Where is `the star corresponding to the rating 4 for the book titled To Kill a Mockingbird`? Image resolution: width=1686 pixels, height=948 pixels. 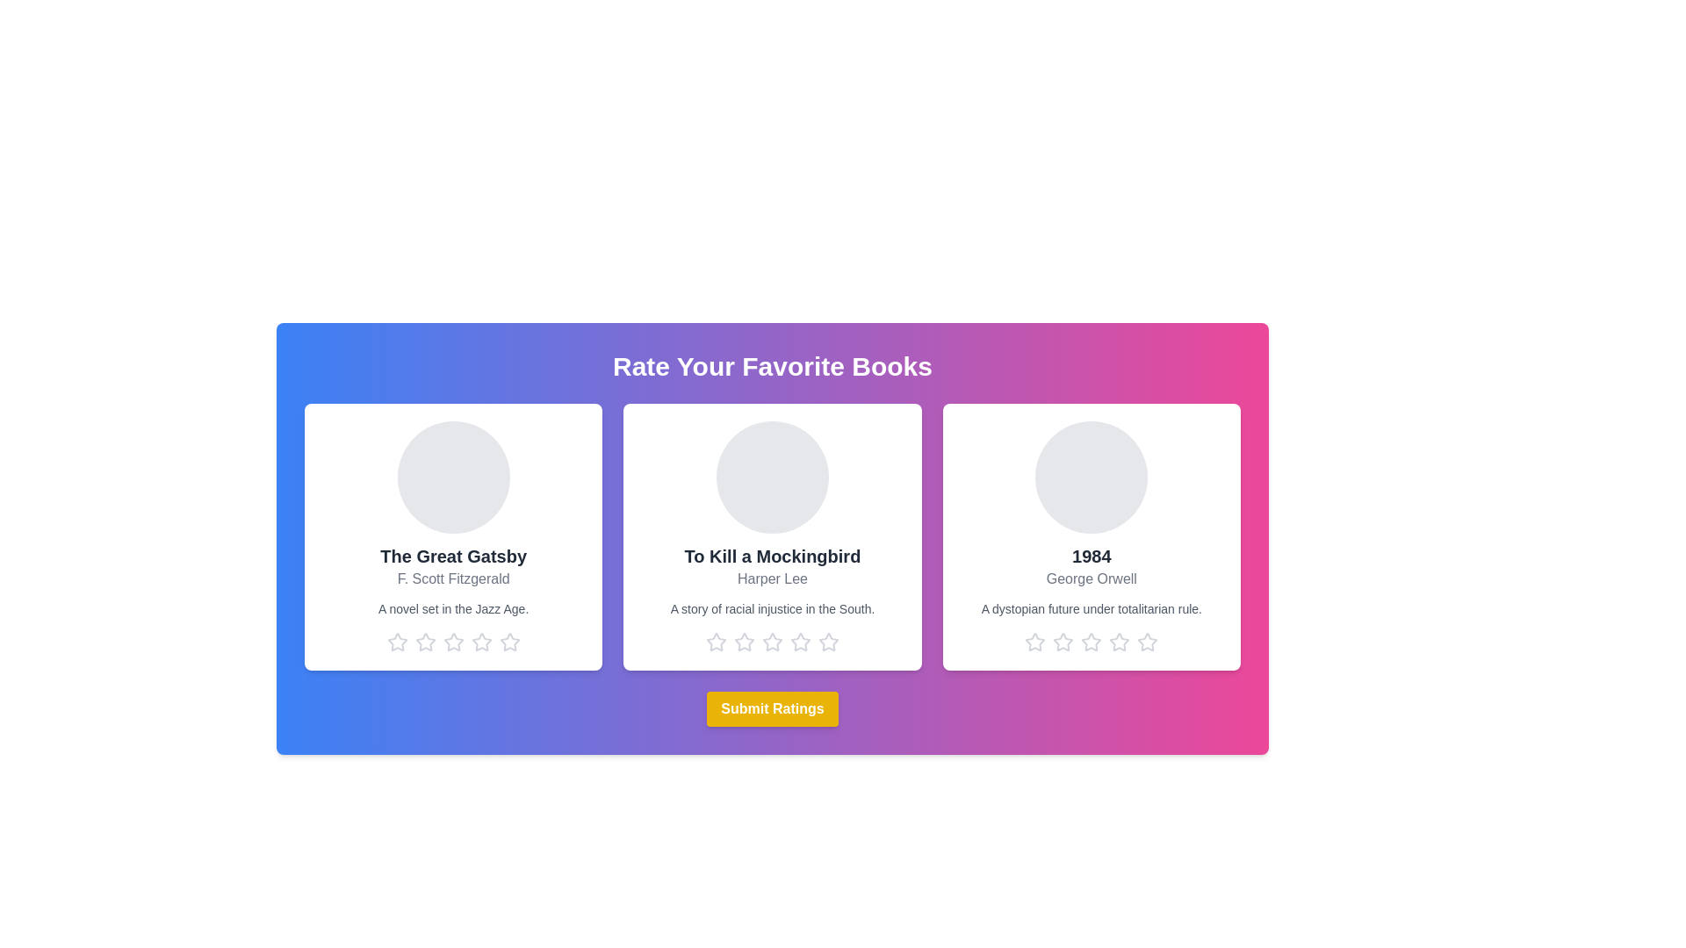 the star corresponding to the rating 4 for the book titled To Kill a Mockingbird is located at coordinates (800, 643).